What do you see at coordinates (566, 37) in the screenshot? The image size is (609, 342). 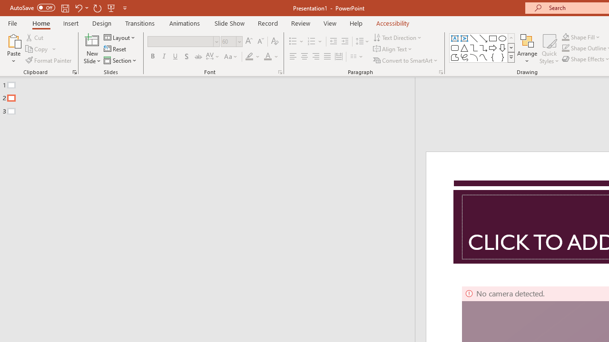 I see `'Shape Fill Orange, Accent 2'` at bounding box center [566, 37].